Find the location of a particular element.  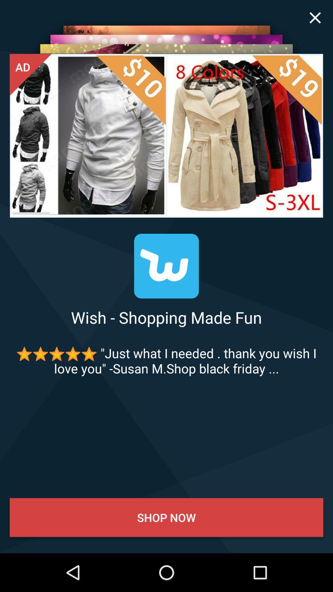

the just what i item is located at coordinates (166, 361).